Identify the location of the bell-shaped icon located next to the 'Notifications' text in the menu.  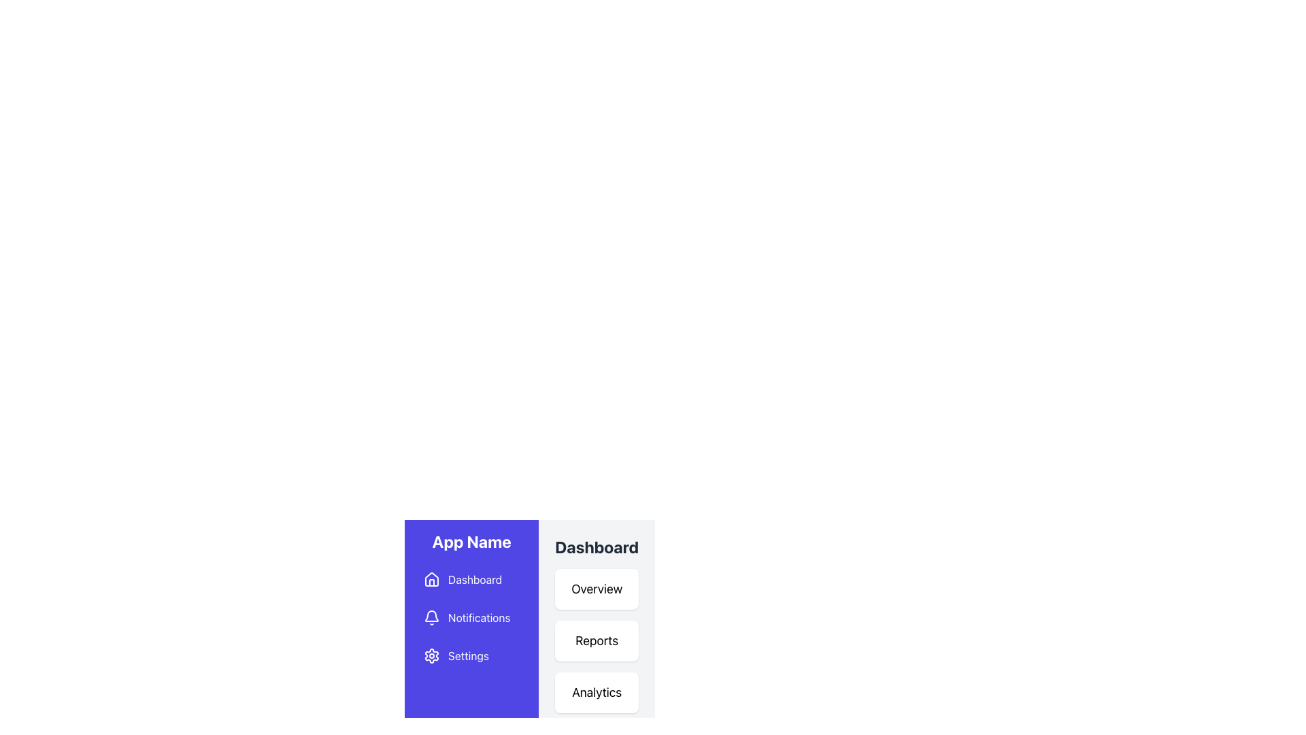
(431, 617).